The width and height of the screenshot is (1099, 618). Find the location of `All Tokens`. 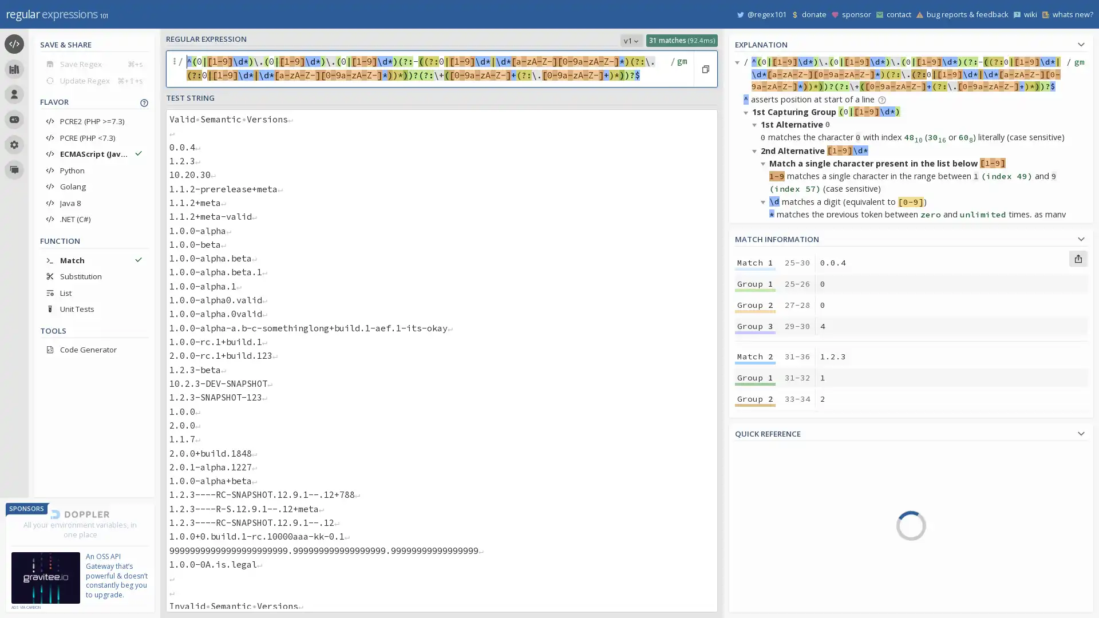

All Tokens is located at coordinates (788, 474).